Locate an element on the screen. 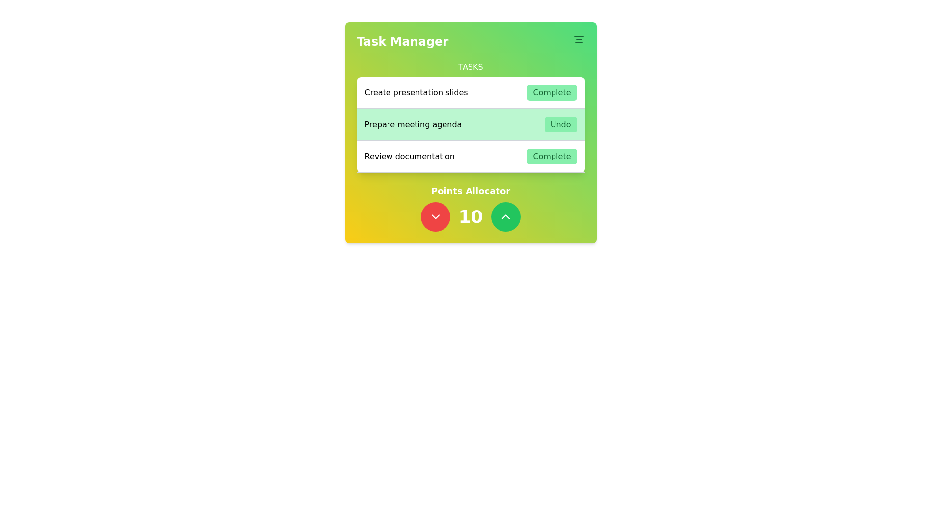  the static label displaying the current value in the points allocation system, which is centered within the 'Points Allocator' section of the UI is located at coordinates (470, 216).